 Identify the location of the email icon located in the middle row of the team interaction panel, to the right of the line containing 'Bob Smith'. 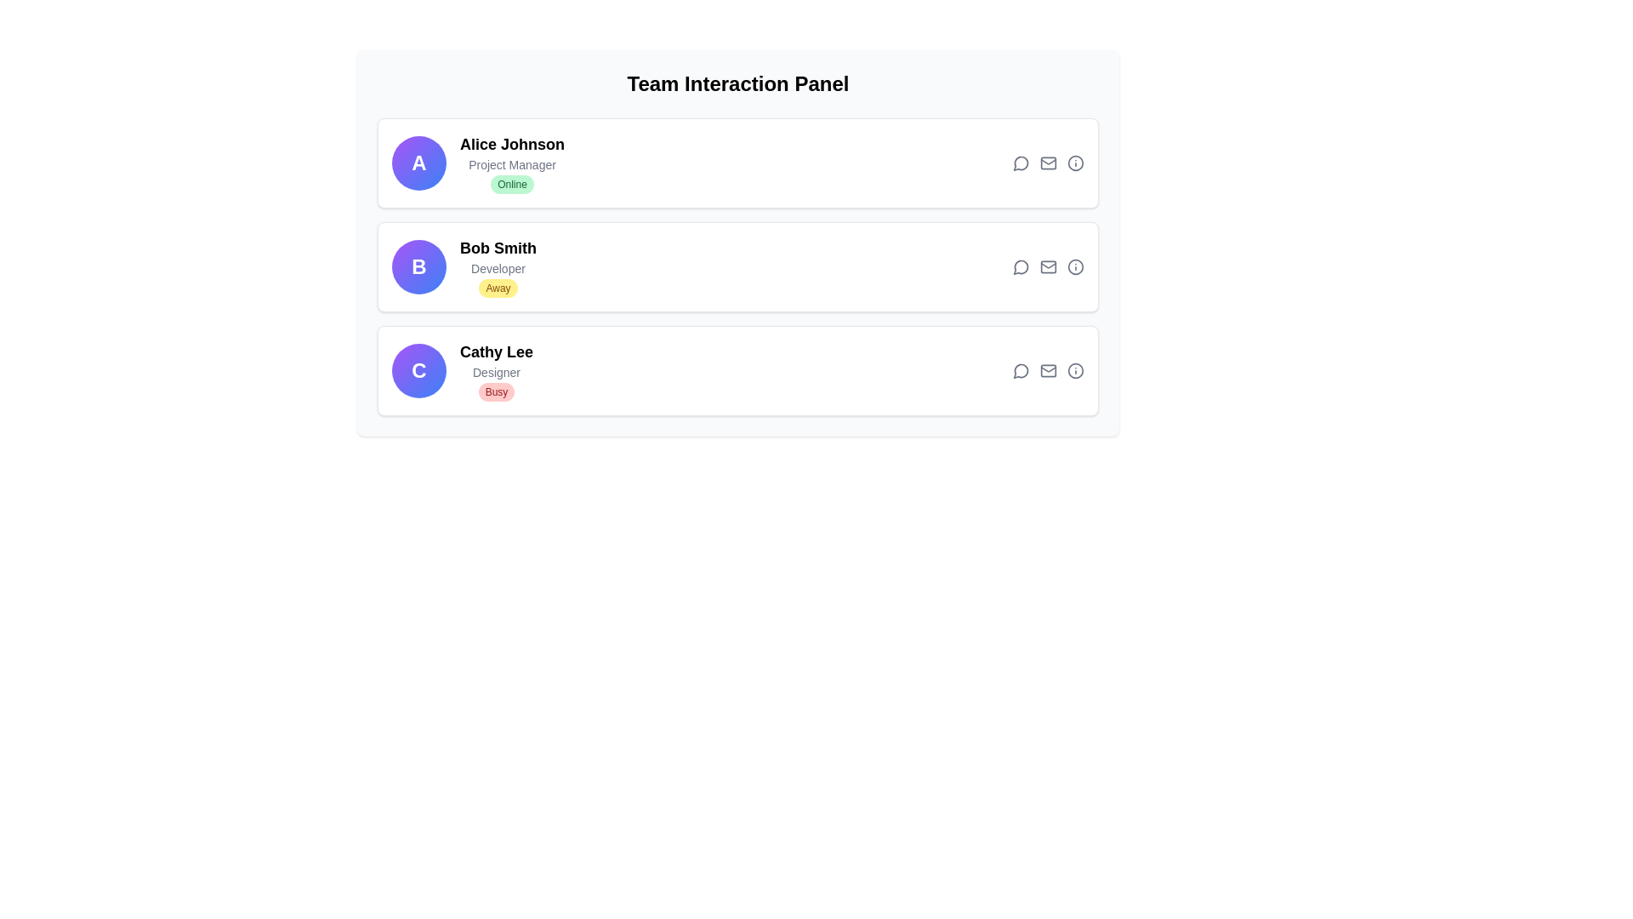
(1048, 266).